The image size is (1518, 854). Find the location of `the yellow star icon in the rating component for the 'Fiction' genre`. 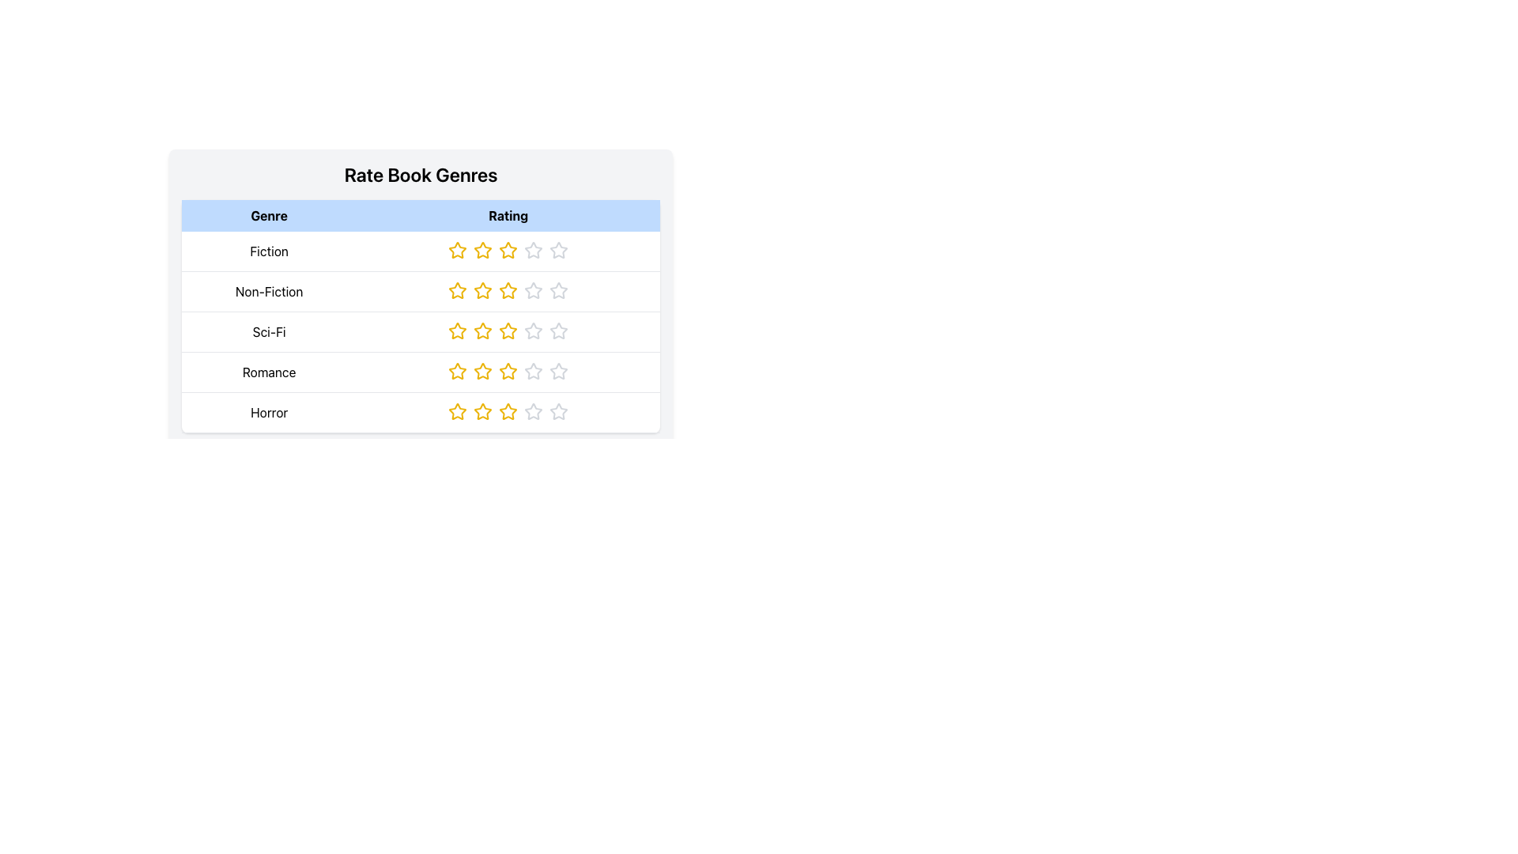

the yellow star icon in the rating component for the 'Fiction' genre is located at coordinates (457, 249).